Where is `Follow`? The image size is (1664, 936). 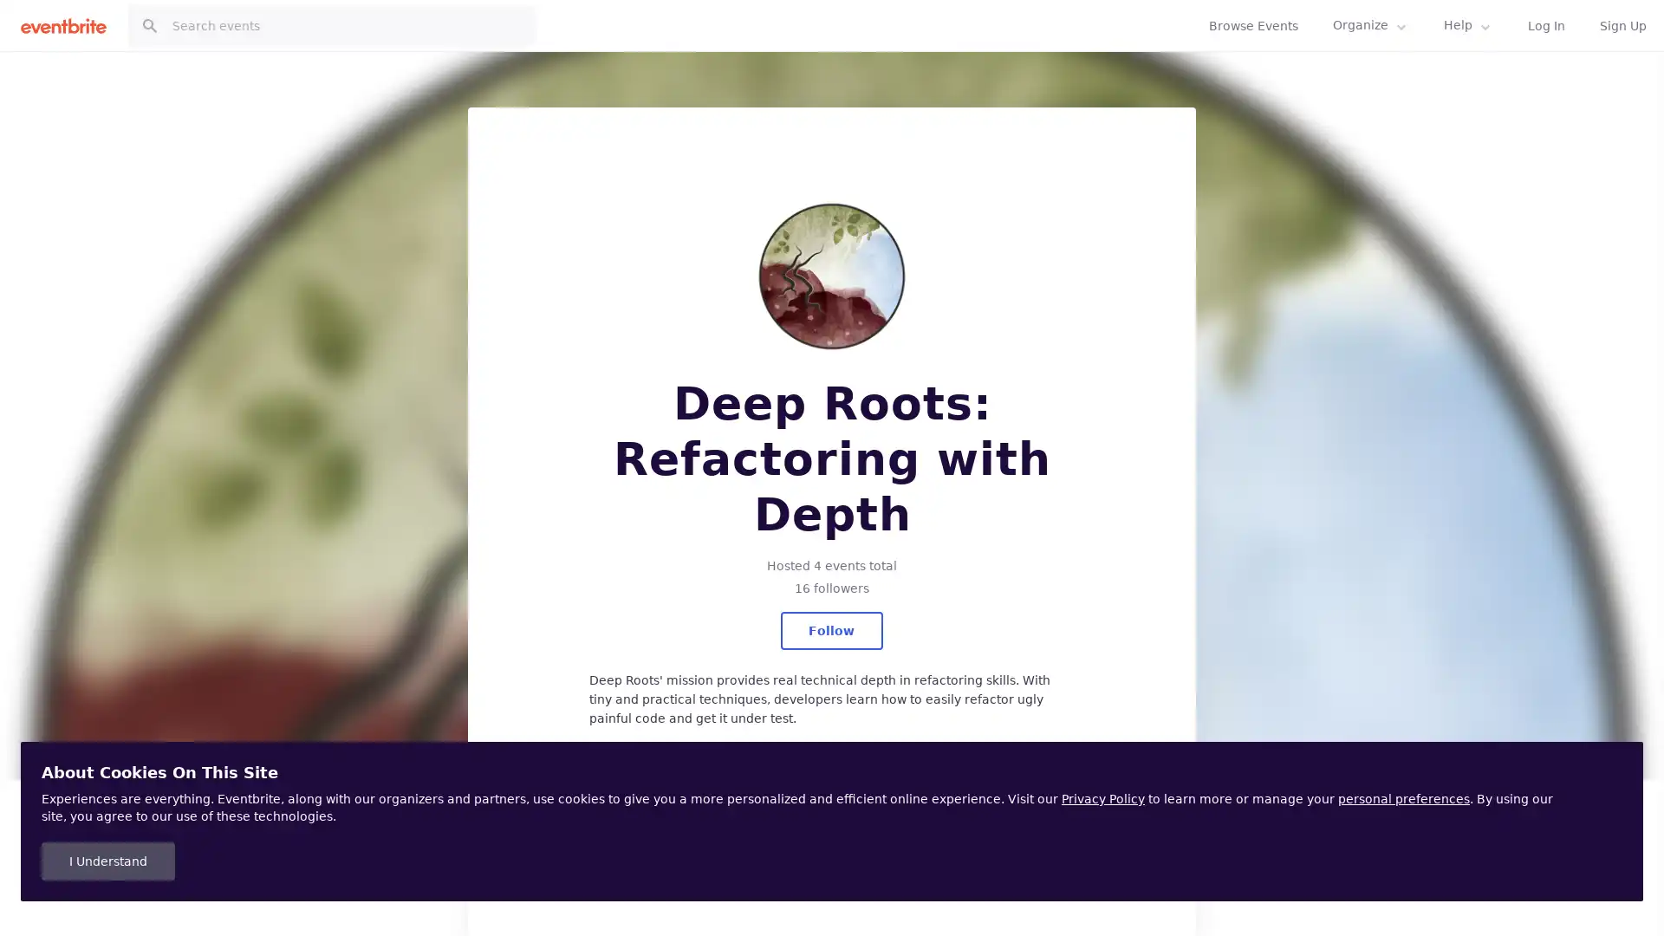 Follow is located at coordinates (1472, 46).